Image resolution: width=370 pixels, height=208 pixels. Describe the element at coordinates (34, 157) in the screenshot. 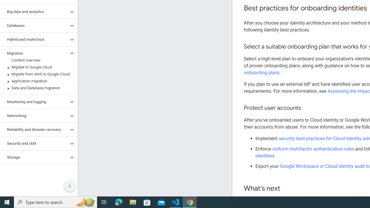

I see `'Storage'` at that location.